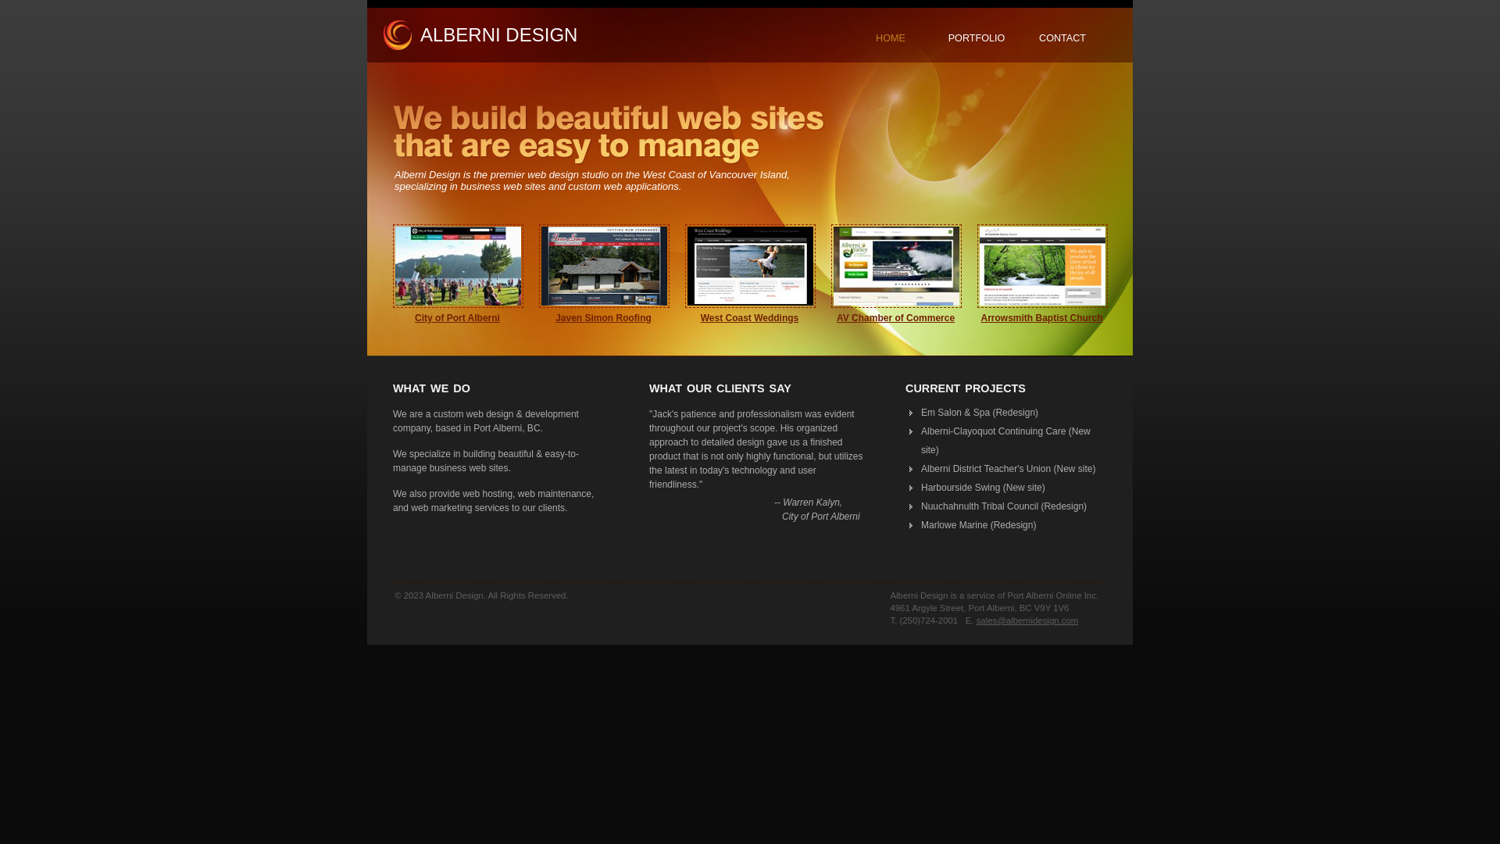 The width and height of the screenshot is (1500, 844). What do you see at coordinates (1027, 620) in the screenshot?
I see `'sales@albernidesign.com'` at bounding box center [1027, 620].